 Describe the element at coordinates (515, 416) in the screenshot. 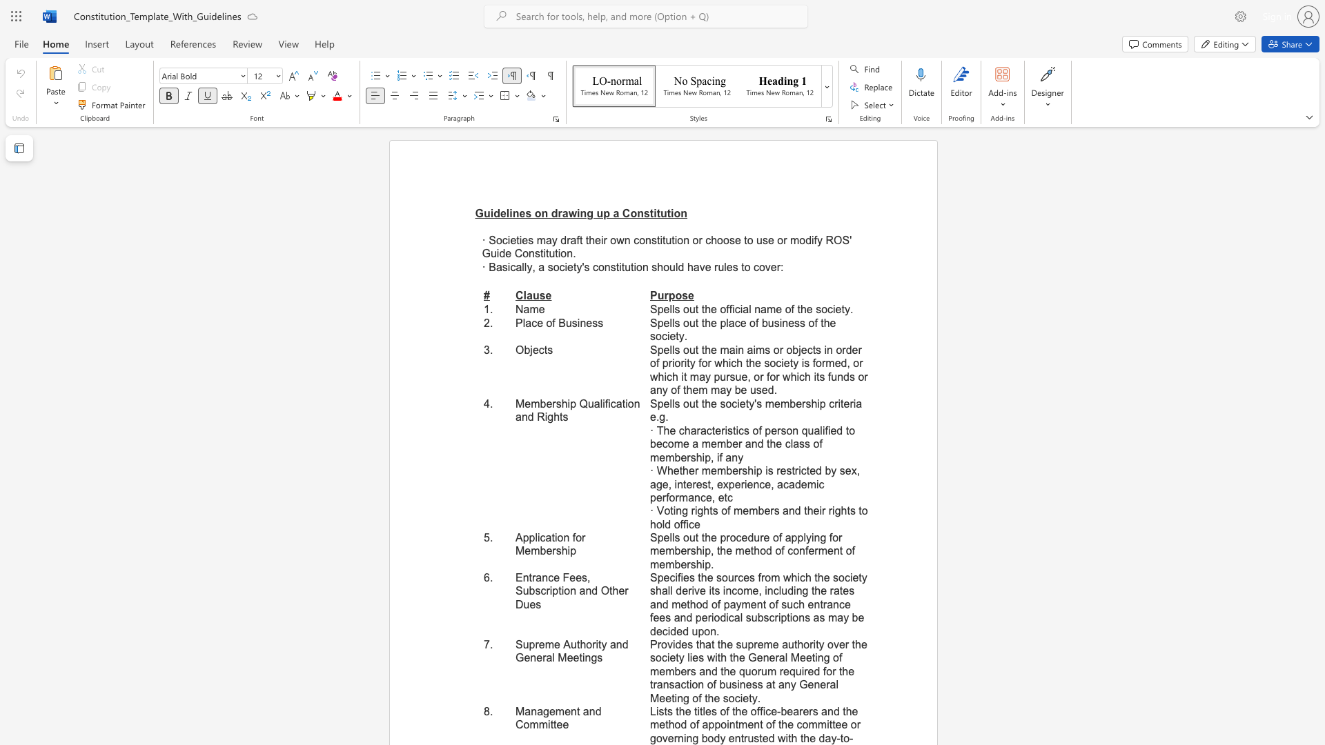

I see `the subset text "and R" within the text "Membership Qualification and Rights"` at that location.